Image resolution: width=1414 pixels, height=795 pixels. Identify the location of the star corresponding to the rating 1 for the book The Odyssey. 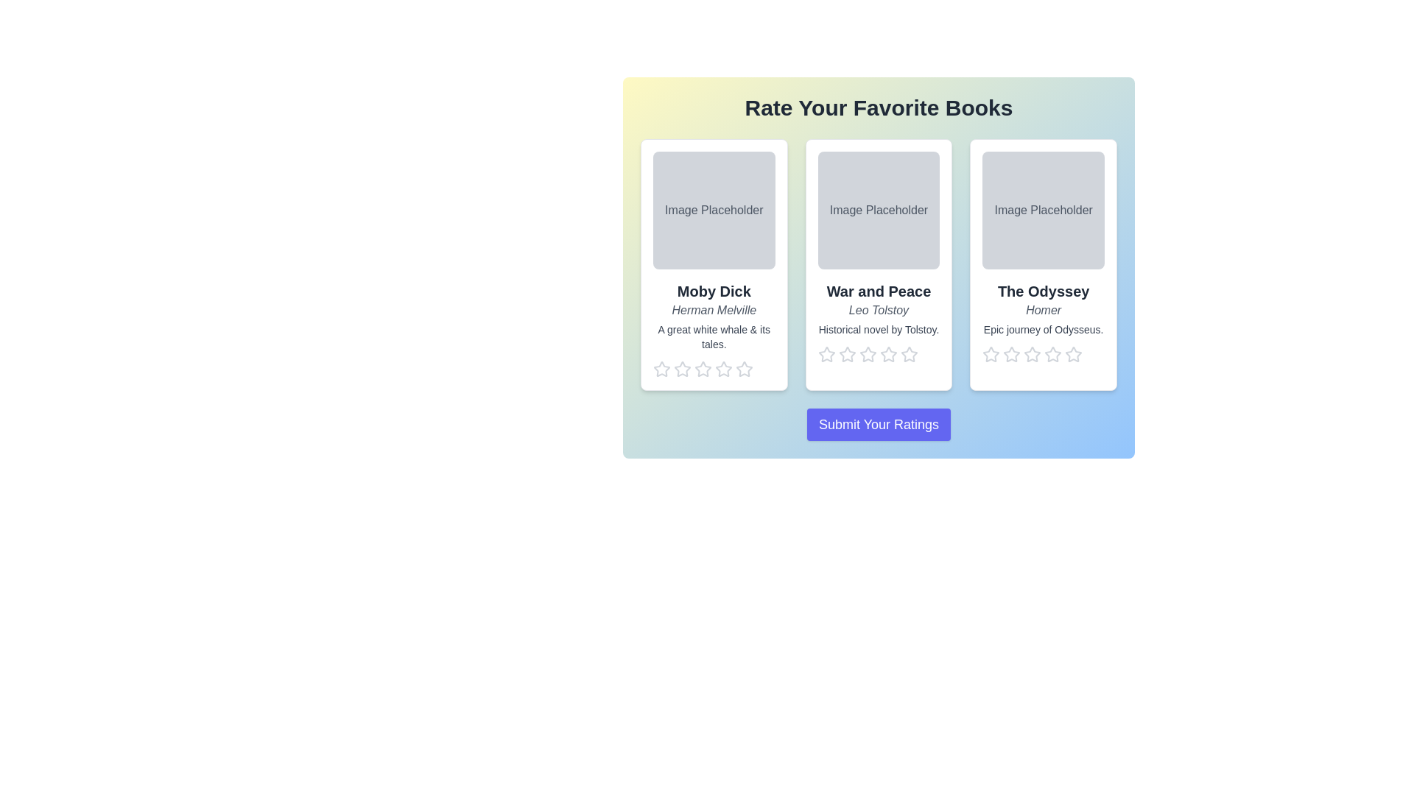
(991, 355).